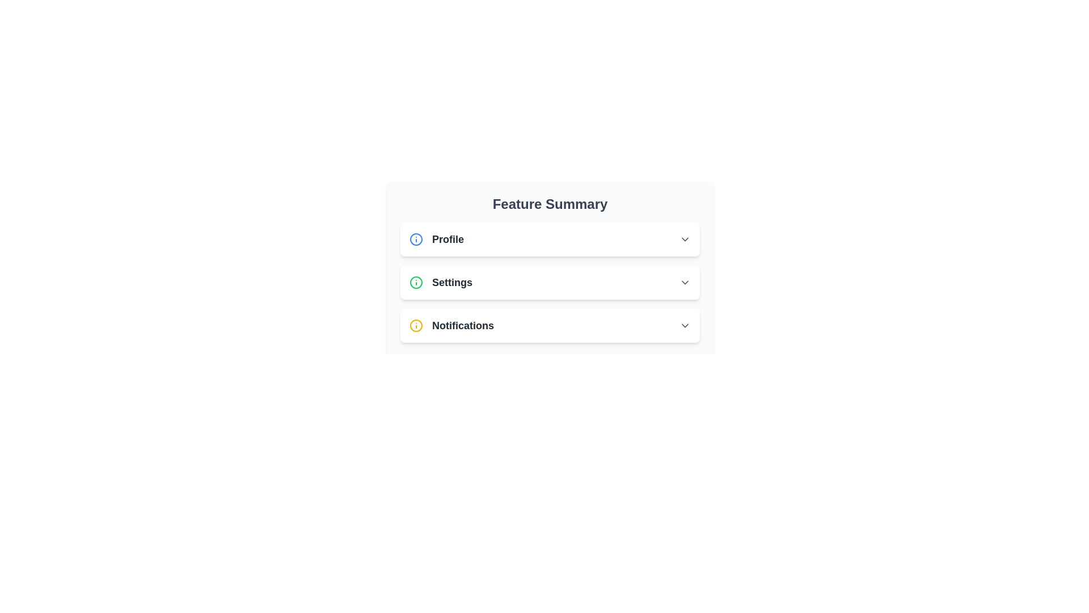 This screenshot has height=613, width=1089. What do you see at coordinates (436, 238) in the screenshot?
I see `the 'Profile' text label with the adjacent informational icon, which is styled in bold dark gray font and has a blue circular icon with an 'i' inside` at bounding box center [436, 238].